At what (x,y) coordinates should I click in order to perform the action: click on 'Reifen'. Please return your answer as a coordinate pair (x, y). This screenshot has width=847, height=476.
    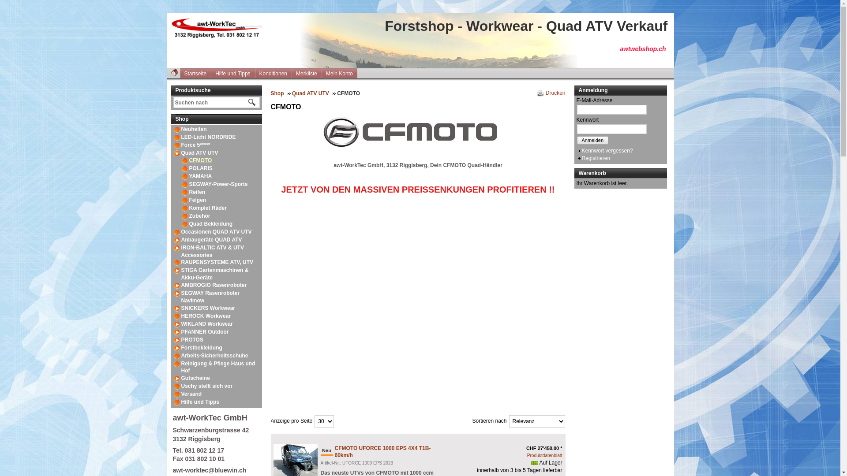
    Looking at the image, I should click on (197, 191).